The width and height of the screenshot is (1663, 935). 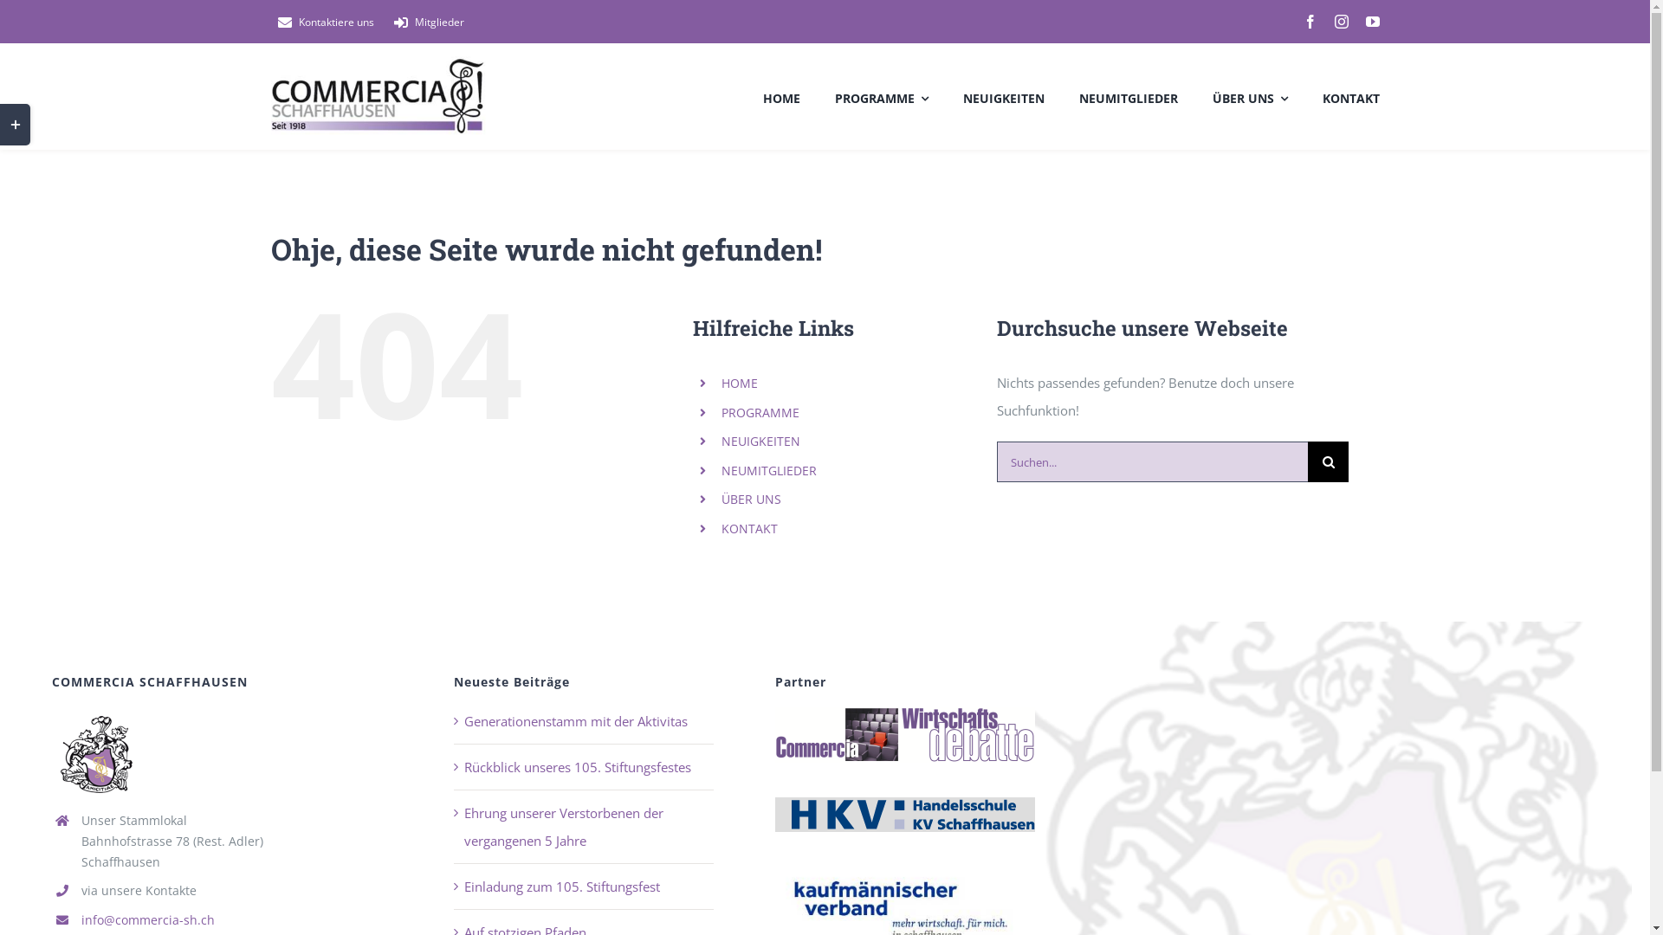 I want to click on 'PROGRAMME', so click(x=760, y=412).